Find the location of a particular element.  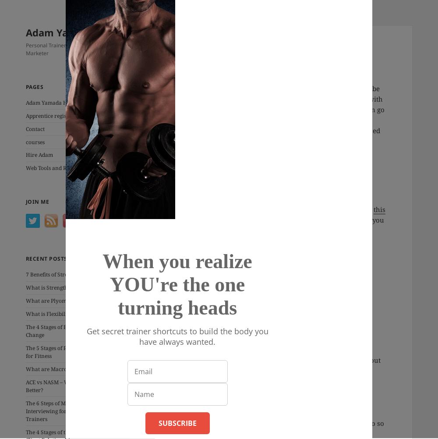

'to get a better idea about their services and why I recommended NameSiloto so many people.' is located at coordinates (282, 422).